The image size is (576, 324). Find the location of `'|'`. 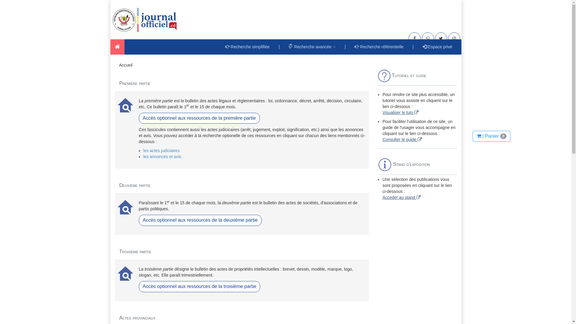

'|' is located at coordinates (345, 46).